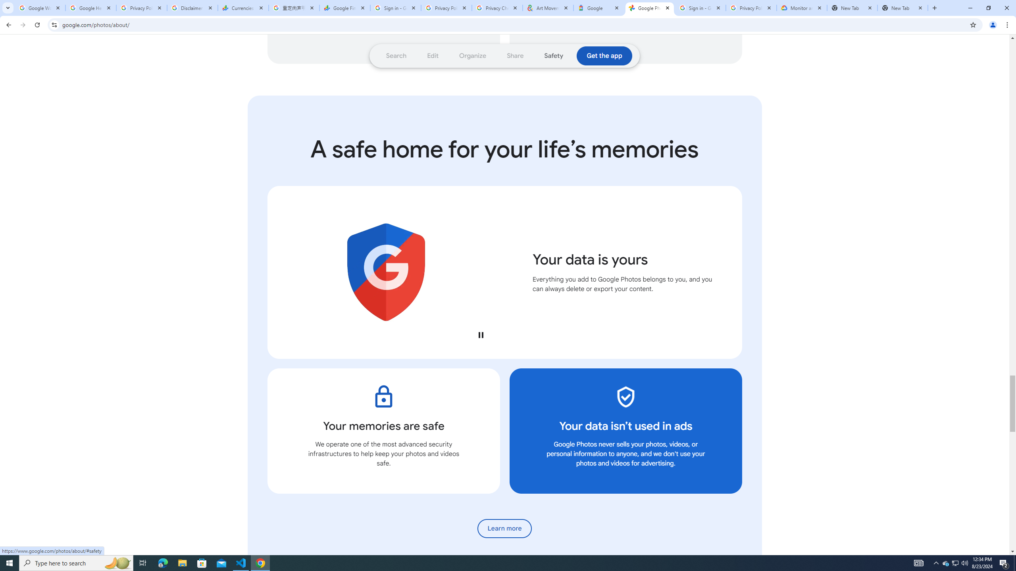 This screenshot has height=571, width=1016. I want to click on 'A checkmark icon.', so click(625, 396).